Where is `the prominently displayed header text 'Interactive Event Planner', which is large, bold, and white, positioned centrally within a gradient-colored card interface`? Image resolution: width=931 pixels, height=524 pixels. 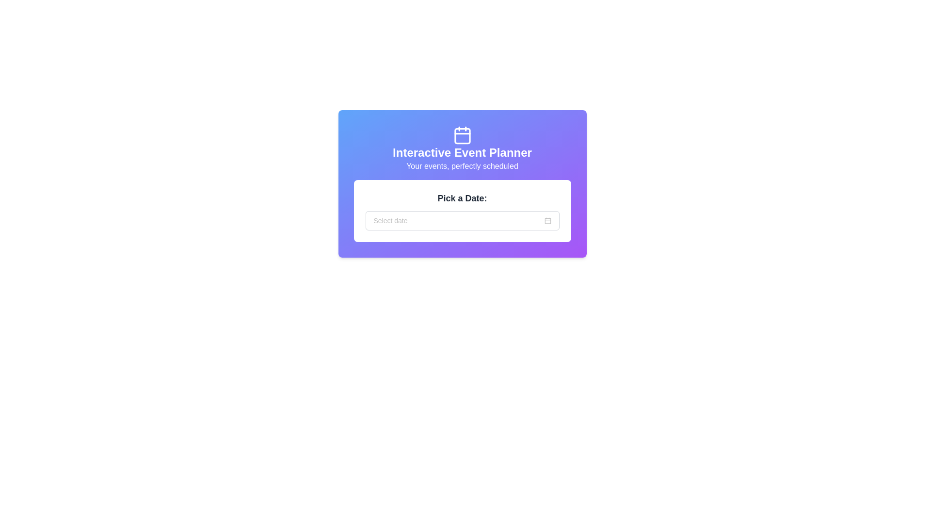
the prominently displayed header text 'Interactive Event Planner', which is large, bold, and white, positioned centrally within a gradient-colored card interface is located at coordinates (462, 153).